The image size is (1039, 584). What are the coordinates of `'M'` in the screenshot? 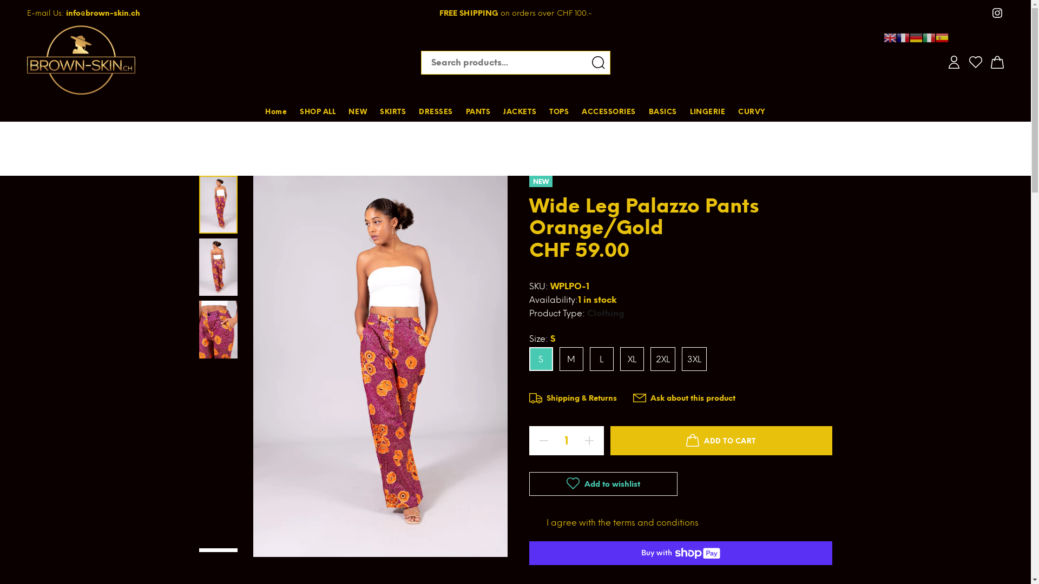 It's located at (571, 359).